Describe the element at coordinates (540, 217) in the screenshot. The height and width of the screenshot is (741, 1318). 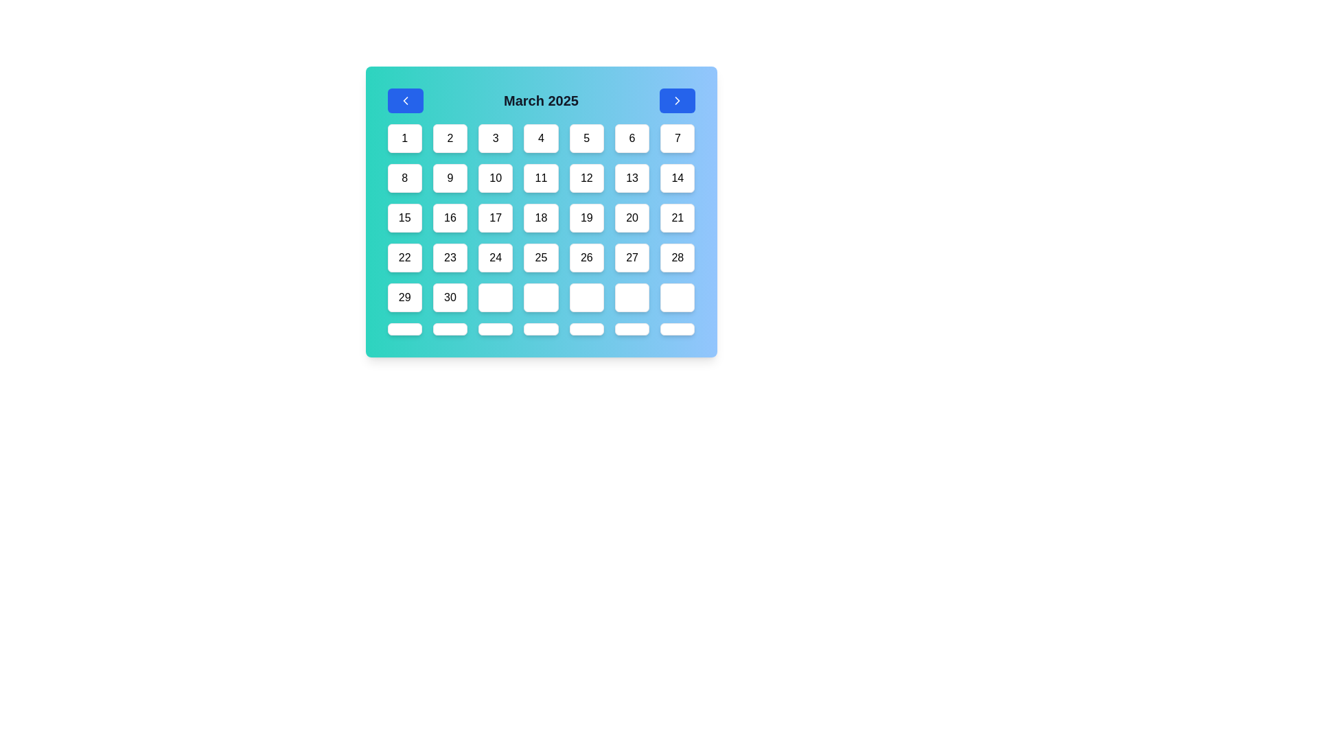
I see `the button displaying '18'` at that location.